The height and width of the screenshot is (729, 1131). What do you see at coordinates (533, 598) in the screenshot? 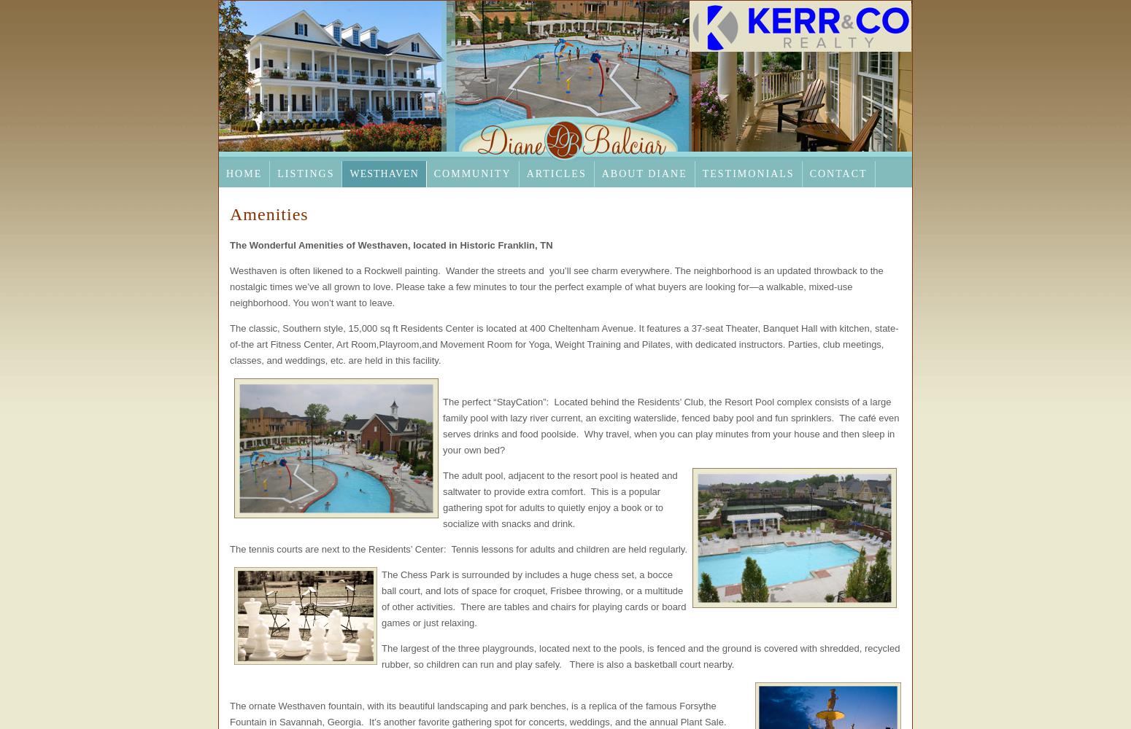
I see `'The Chess Park is surrounded by includes a huge chess set, a bocce ball court, and lots of space for croquet, Frisbee throwing, or a multitude of other activities.  There are tables and chairs for playing cards or board games or just relaxing.'` at bounding box center [533, 598].